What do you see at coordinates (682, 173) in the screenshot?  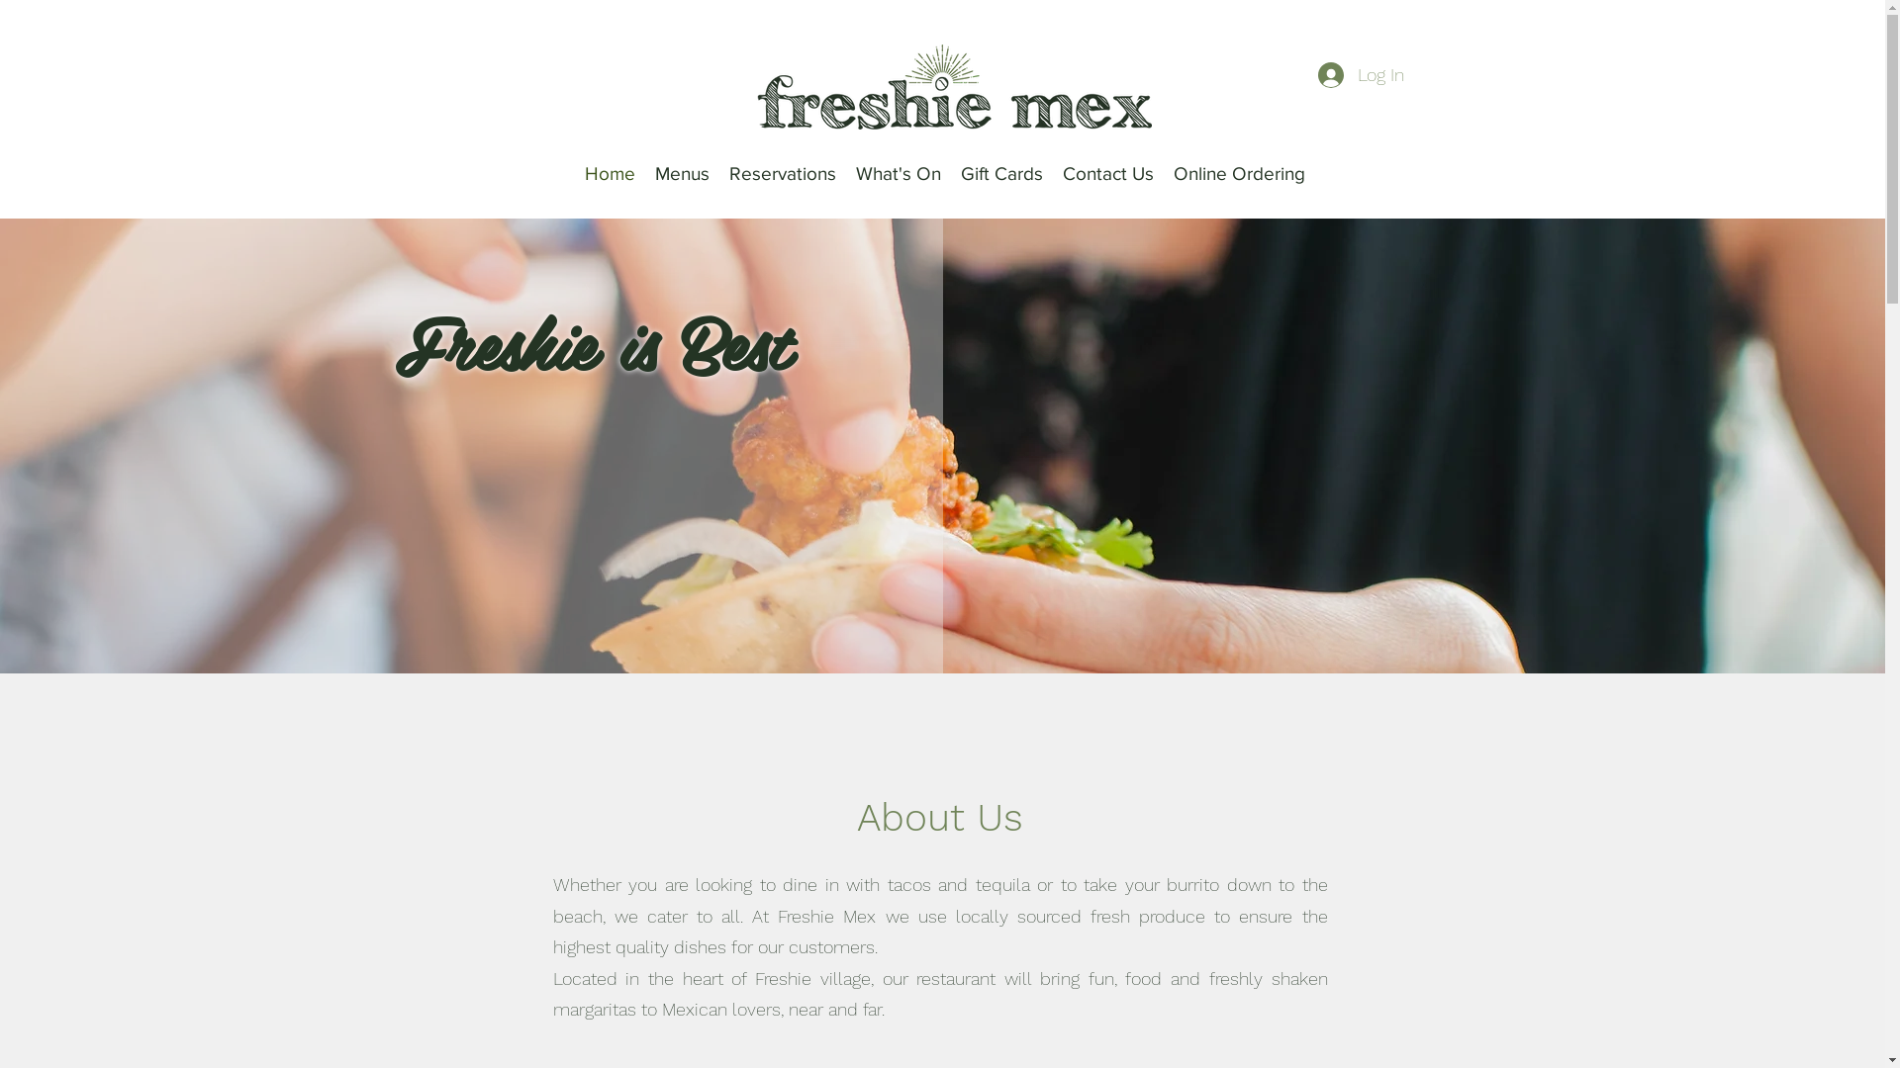 I see `'Menus'` at bounding box center [682, 173].